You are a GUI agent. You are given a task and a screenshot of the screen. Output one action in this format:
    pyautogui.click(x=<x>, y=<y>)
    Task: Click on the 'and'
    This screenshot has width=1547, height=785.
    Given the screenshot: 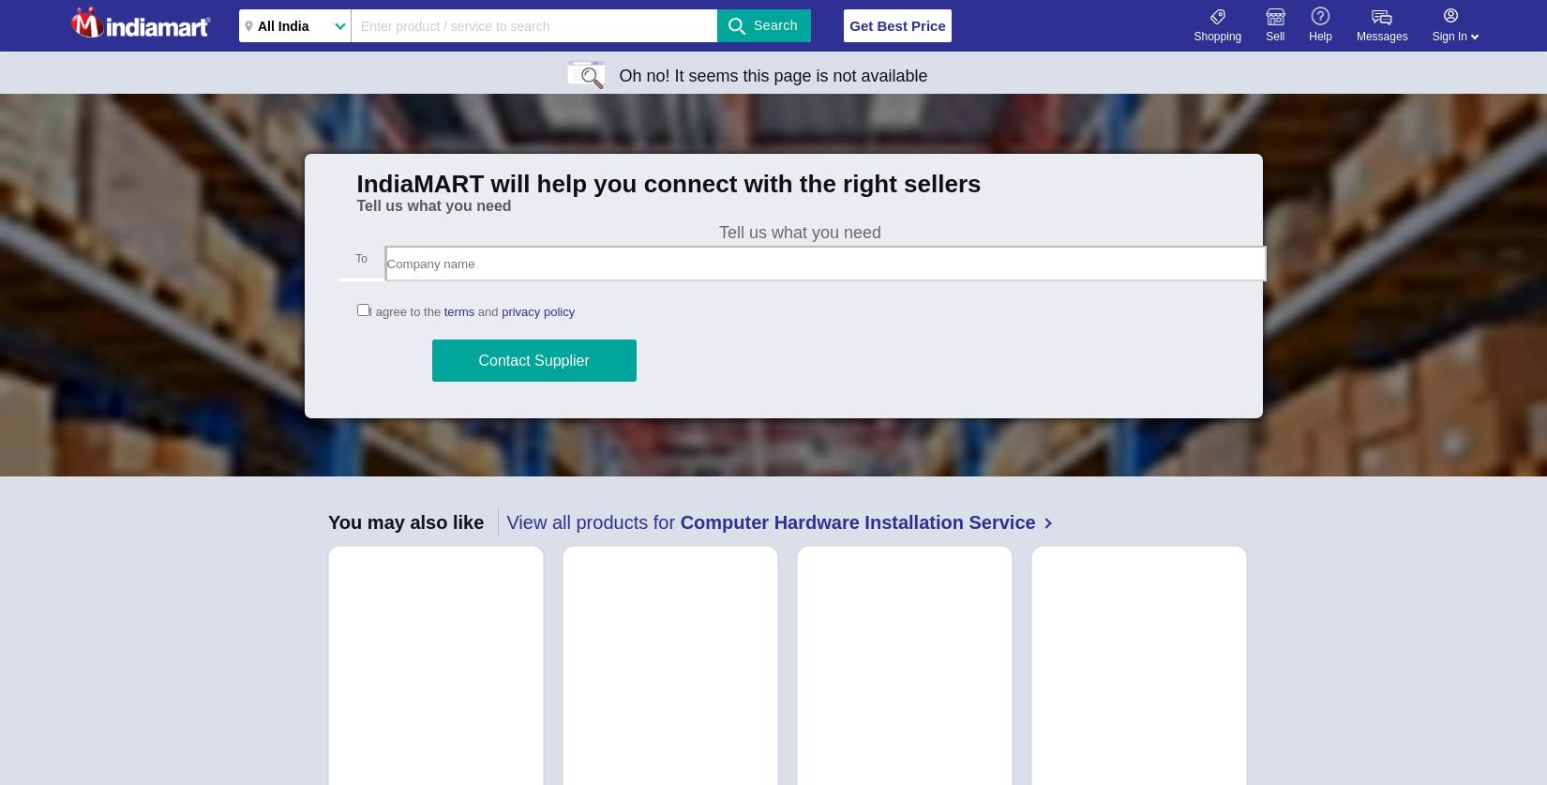 What is the action you would take?
    pyautogui.click(x=487, y=311)
    